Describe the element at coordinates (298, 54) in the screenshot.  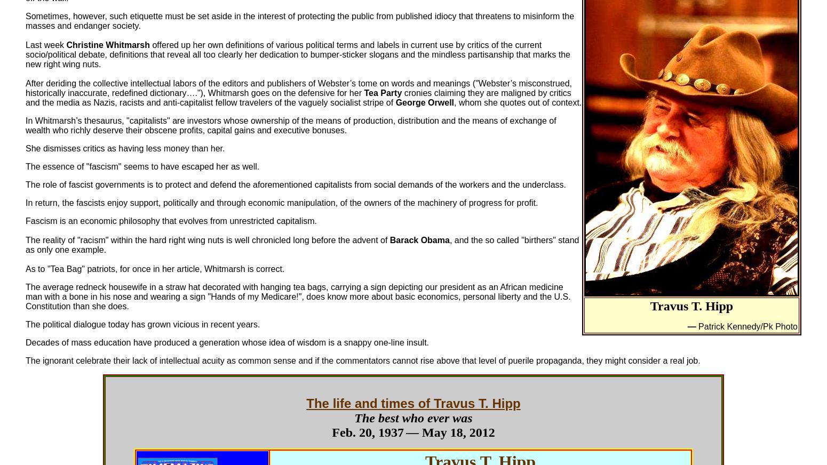
I see `'offered up her own definitions of various 
    political terms and labels in current use by critics of the current socio/political 
    debate, definitions that reveal all too clearly her dedication to bumper-sticker 
    slogans and the mindless partisanship that marks the new right wing nuts.'` at that location.